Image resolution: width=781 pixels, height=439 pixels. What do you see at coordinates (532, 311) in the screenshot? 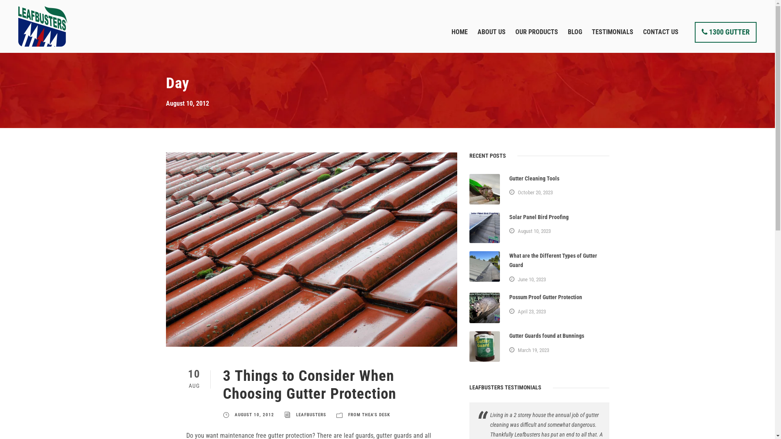
I see `'April 23, 2023'` at bounding box center [532, 311].